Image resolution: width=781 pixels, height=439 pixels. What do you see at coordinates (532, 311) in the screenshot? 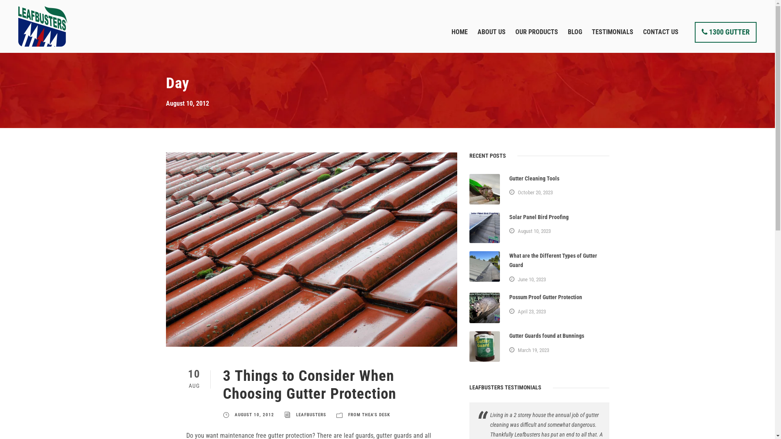
I see `'April 23, 2023'` at bounding box center [532, 311].